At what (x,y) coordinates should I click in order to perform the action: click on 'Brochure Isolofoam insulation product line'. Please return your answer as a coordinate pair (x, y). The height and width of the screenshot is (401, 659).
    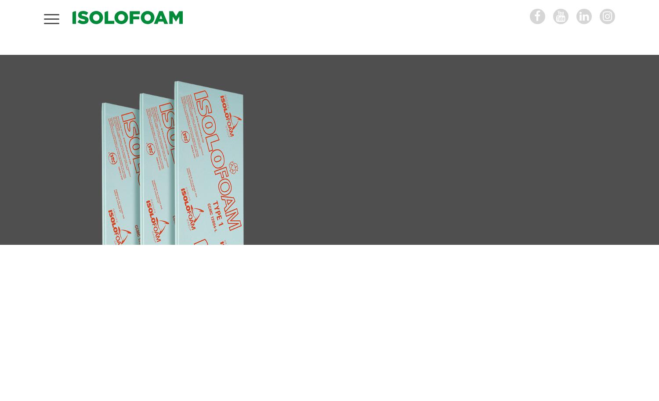
    Looking at the image, I should click on (446, 336).